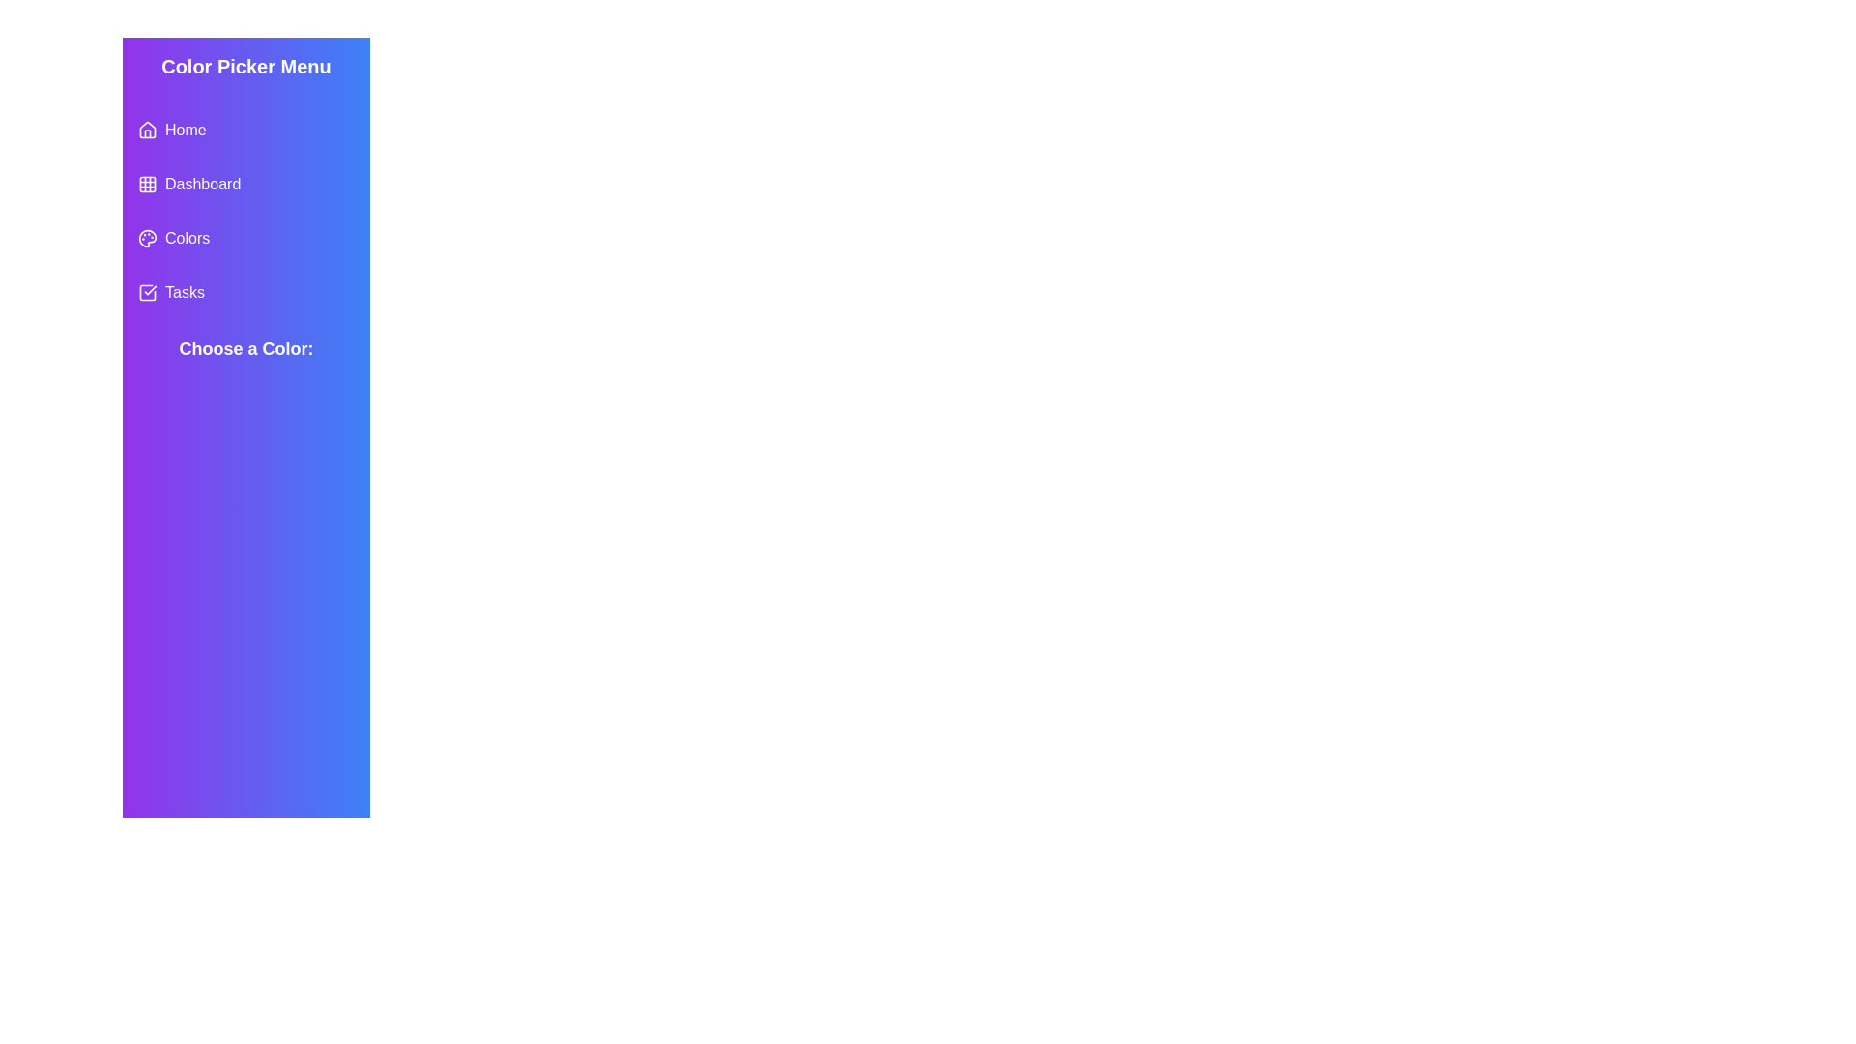  I want to click on the first icon in the sidebar menu, which serves as a home button, so click(147, 130).